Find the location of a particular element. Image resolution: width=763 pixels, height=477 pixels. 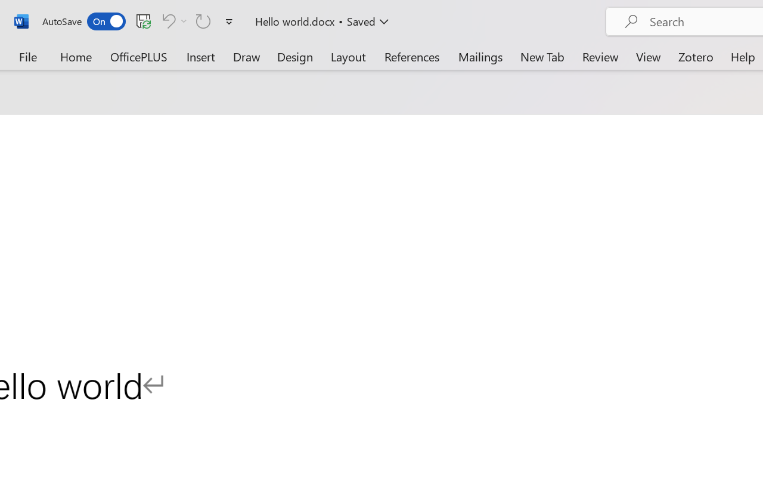

'Zotero' is located at coordinates (696, 56).